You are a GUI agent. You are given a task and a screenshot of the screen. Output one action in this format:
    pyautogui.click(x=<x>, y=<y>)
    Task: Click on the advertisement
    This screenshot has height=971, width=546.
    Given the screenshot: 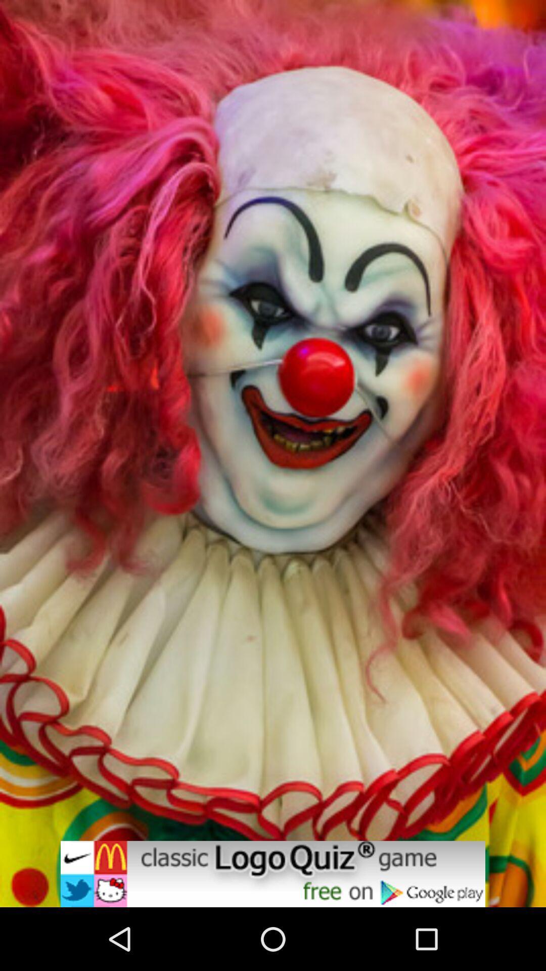 What is the action you would take?
    pyautogui.click(x=273, y=873)
    